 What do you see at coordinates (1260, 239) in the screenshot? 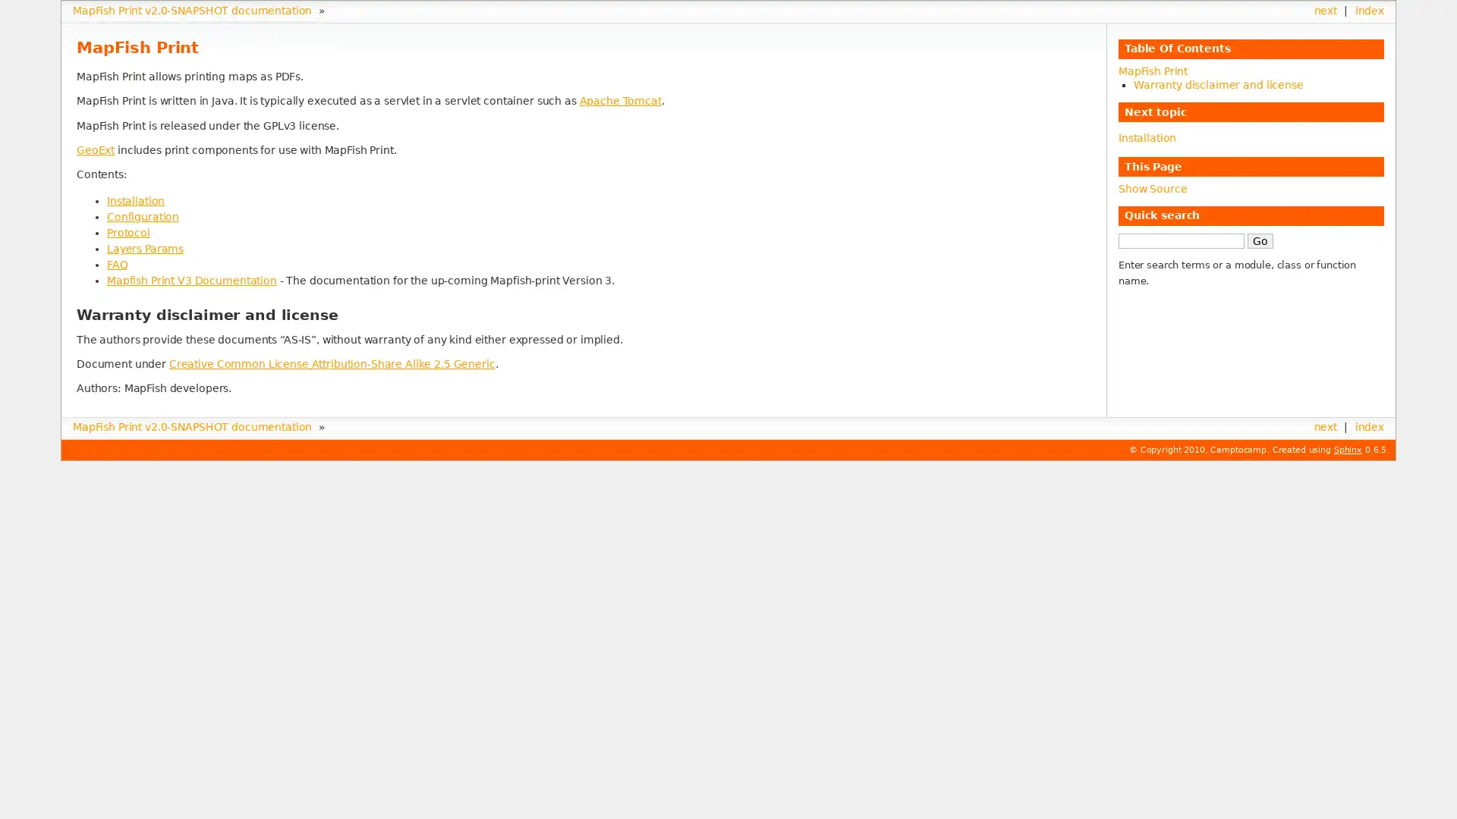
I see `Go` at bounding box center [1260, 239].